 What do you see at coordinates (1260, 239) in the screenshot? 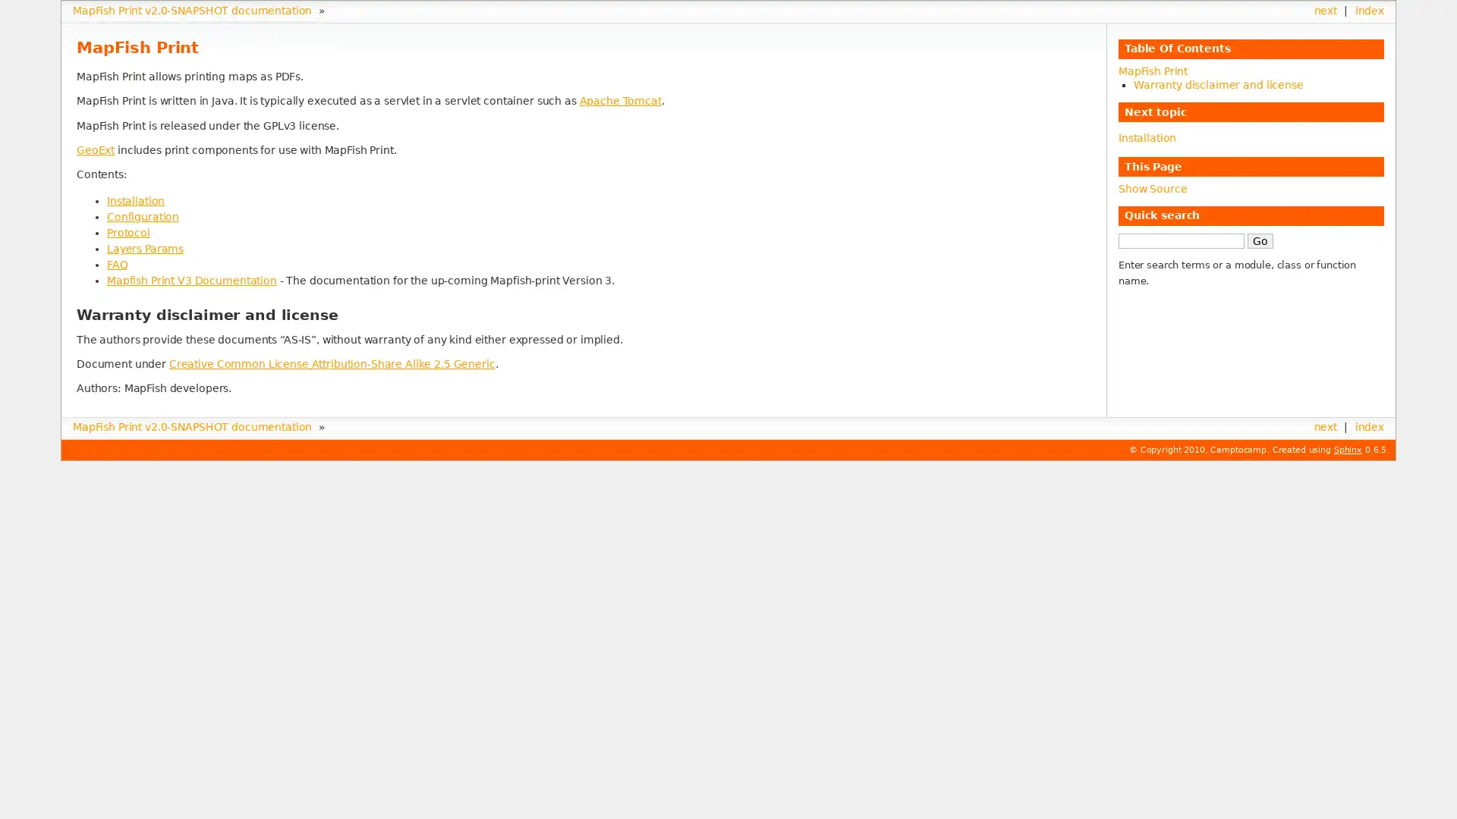
I see `Go` at bounding box center [1260, 239].